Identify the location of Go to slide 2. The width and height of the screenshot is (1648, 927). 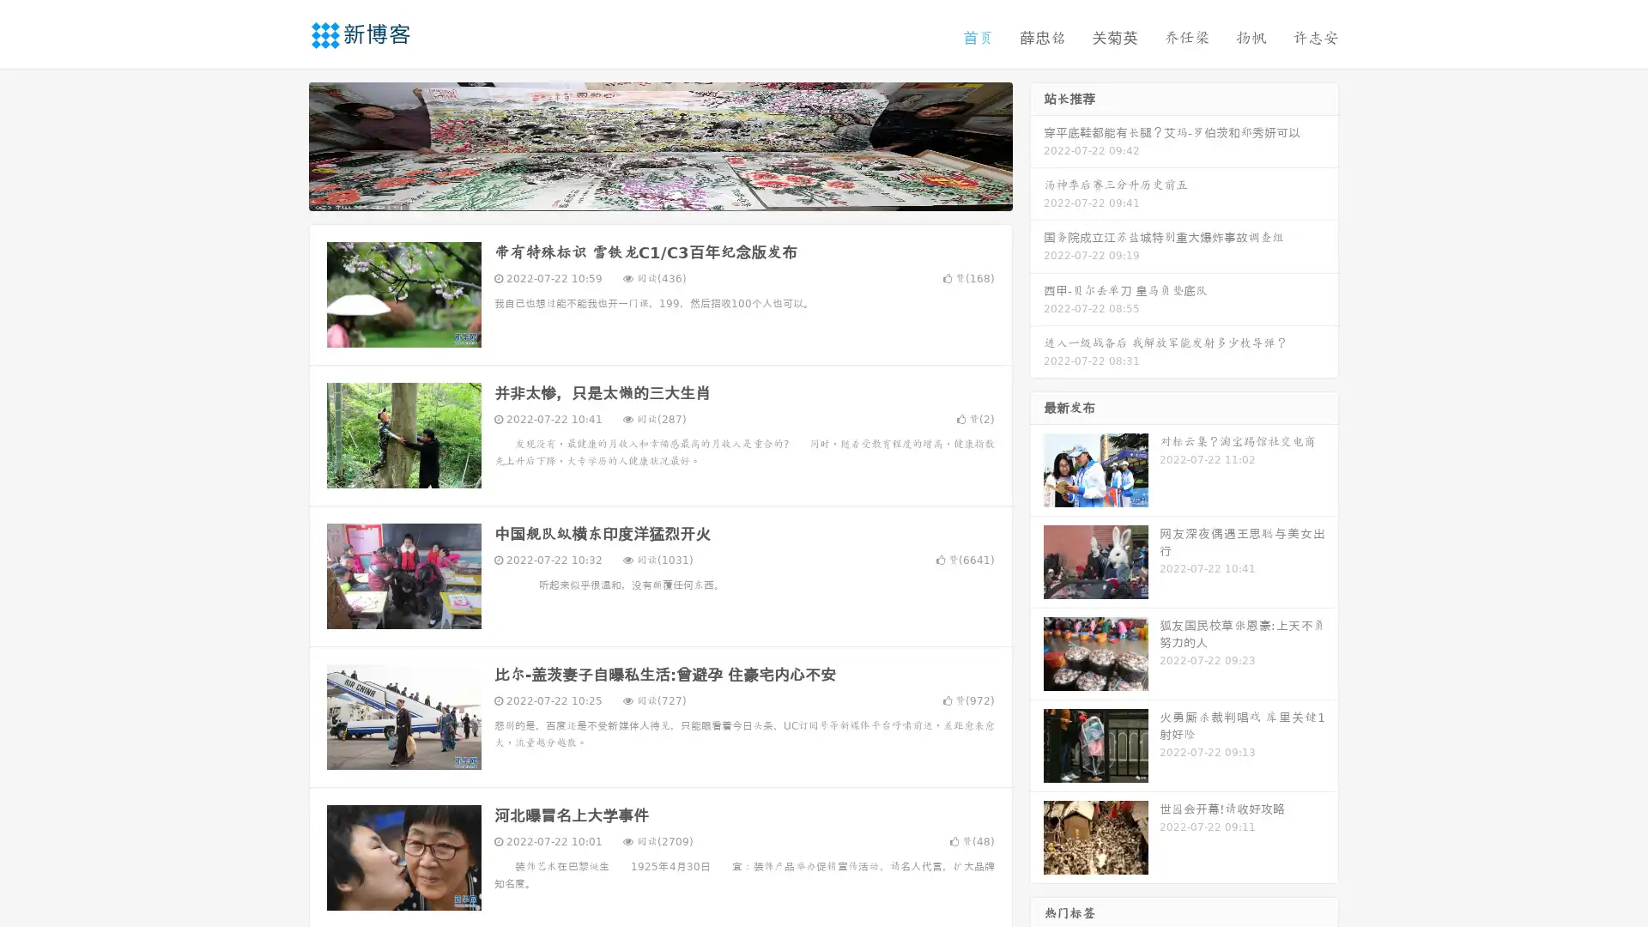
(659, 193).